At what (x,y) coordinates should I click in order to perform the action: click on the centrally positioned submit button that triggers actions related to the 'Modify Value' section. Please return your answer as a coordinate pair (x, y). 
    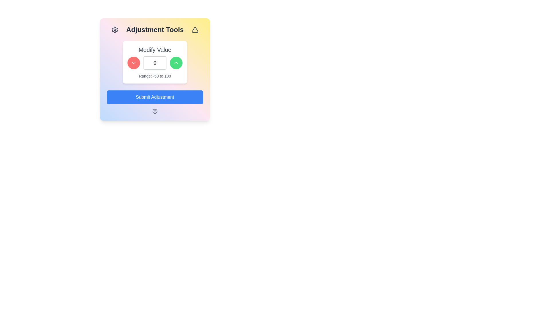
    Looking at the image, I should click on (155, 97).